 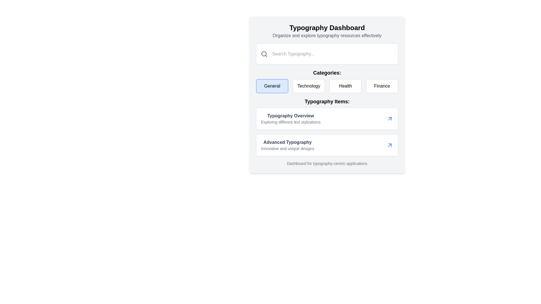 What do you see at coordinates (345, 86) in the screenshot?
I see `the 'Health' button, which is a rectangular button with rounded corners, containing the text 'Health' in medium-sized bold black font on a white background, located below the 'Typography Dashboard' title and to the left of the 'Finance' button` at bounding box center [345, 86].